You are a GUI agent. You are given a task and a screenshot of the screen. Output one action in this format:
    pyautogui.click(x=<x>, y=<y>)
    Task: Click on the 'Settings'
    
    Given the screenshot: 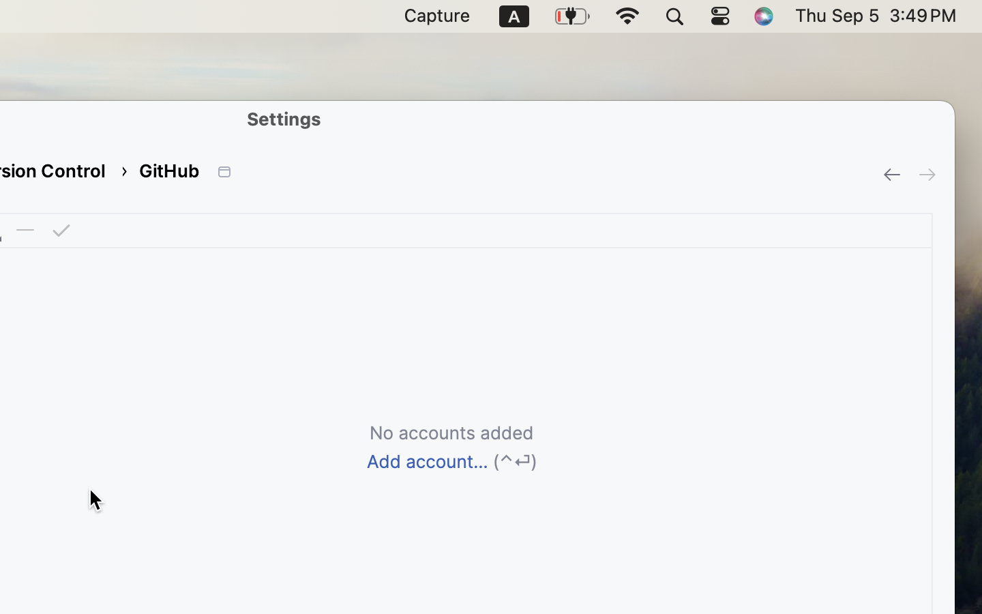 What is the action you would take?
    pyautogui.click(x=284, y=118)
    